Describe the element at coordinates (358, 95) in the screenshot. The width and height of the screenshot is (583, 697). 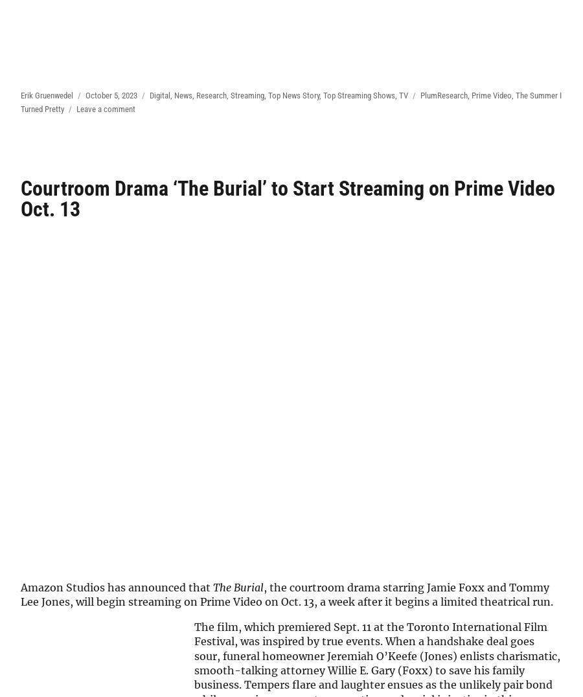
I see `'Top Streaming Shows'` at that location.